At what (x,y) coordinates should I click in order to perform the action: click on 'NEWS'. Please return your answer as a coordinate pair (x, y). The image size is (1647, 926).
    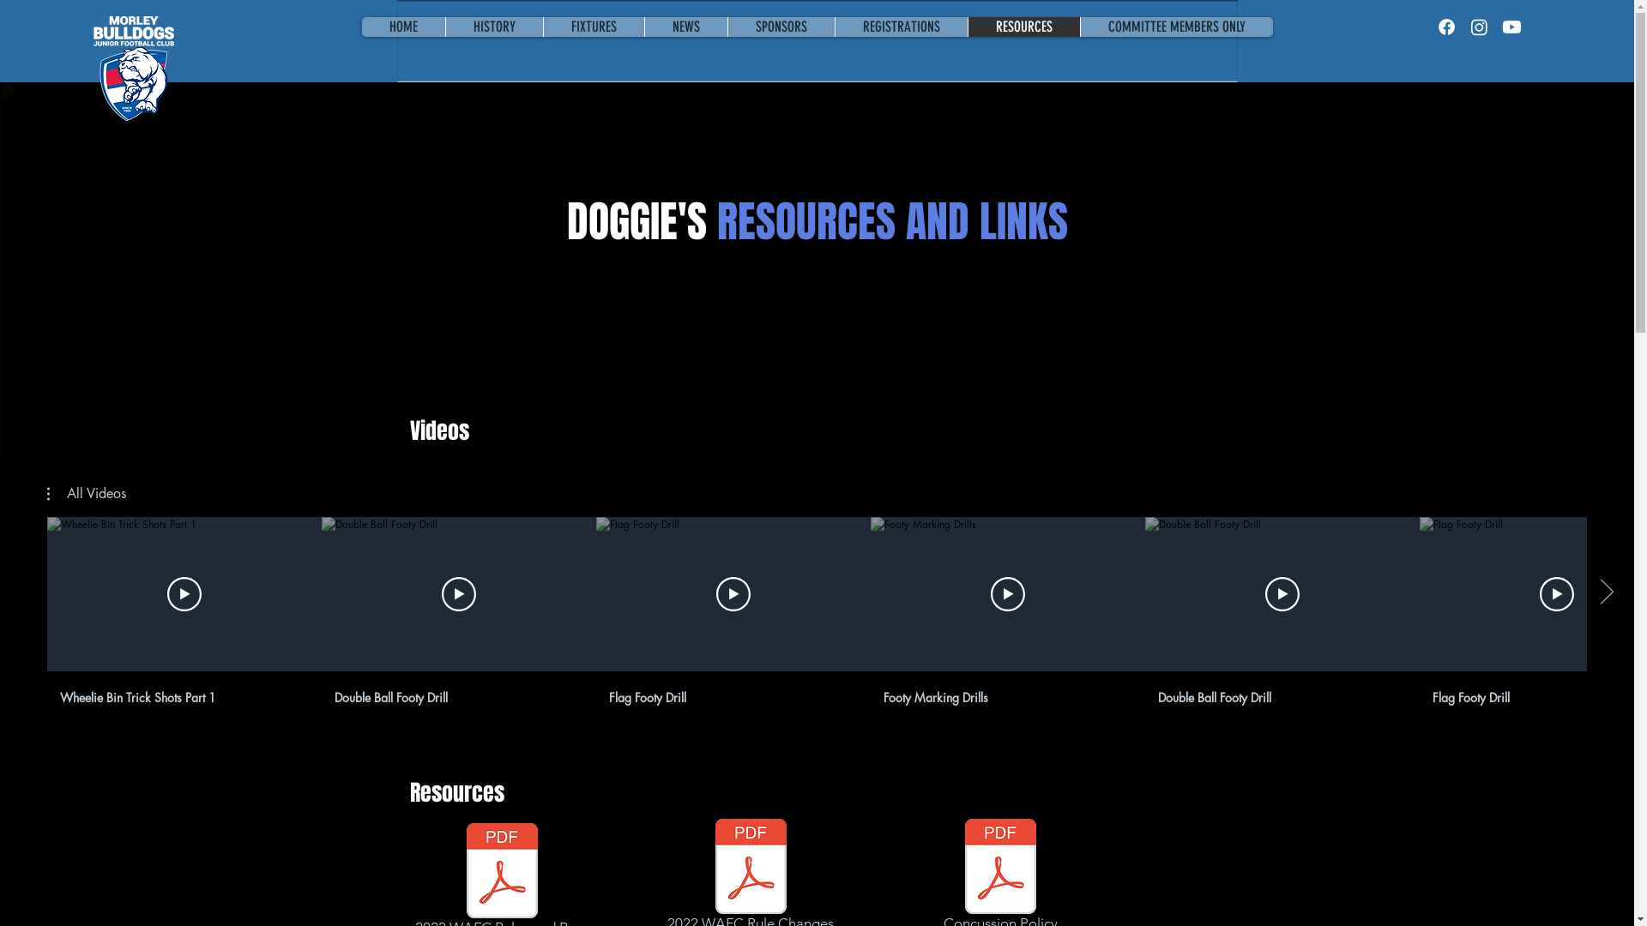
    Looking at the image, I should click on (642, 27).